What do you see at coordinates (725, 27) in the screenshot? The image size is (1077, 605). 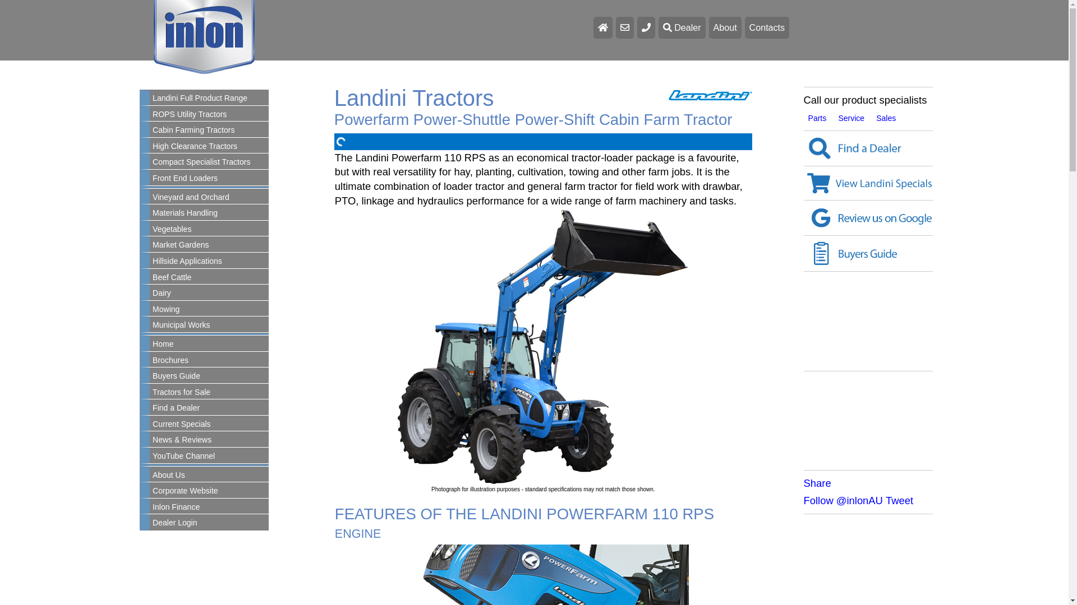 I see `'About'` at bounding box center [725, 27].